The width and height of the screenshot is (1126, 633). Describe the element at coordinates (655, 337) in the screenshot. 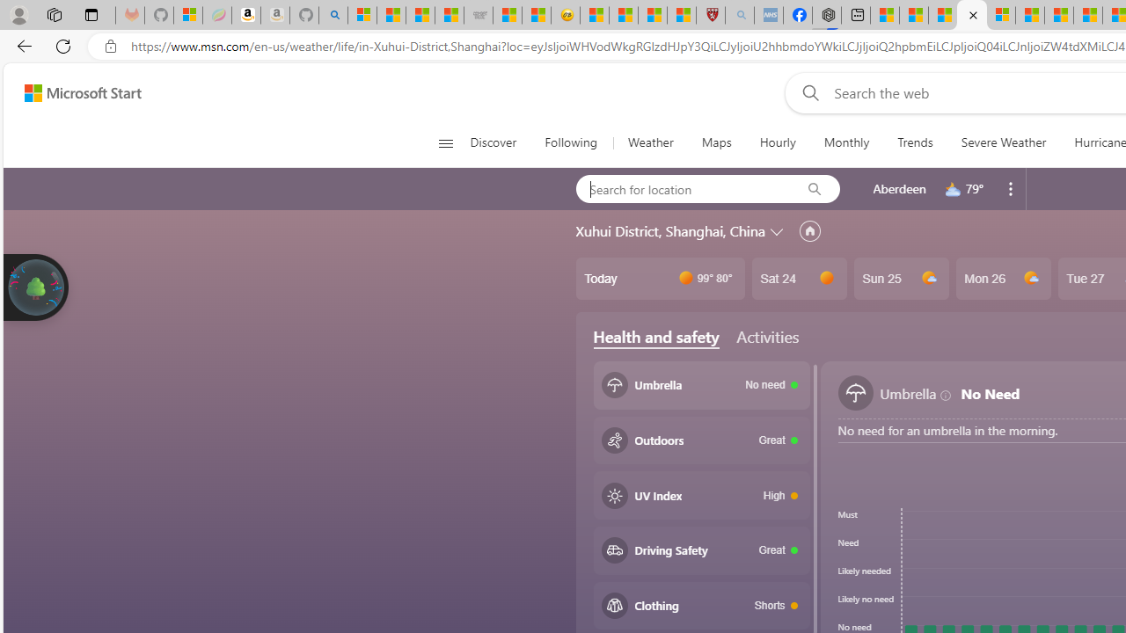

I see `'Health and safety'` at that location.